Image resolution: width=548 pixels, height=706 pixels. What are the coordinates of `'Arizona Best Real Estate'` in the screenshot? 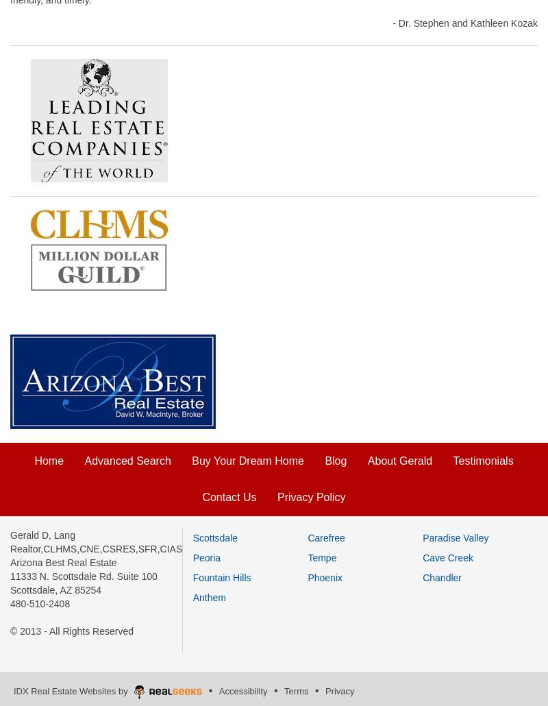 It's located at (63, 561).